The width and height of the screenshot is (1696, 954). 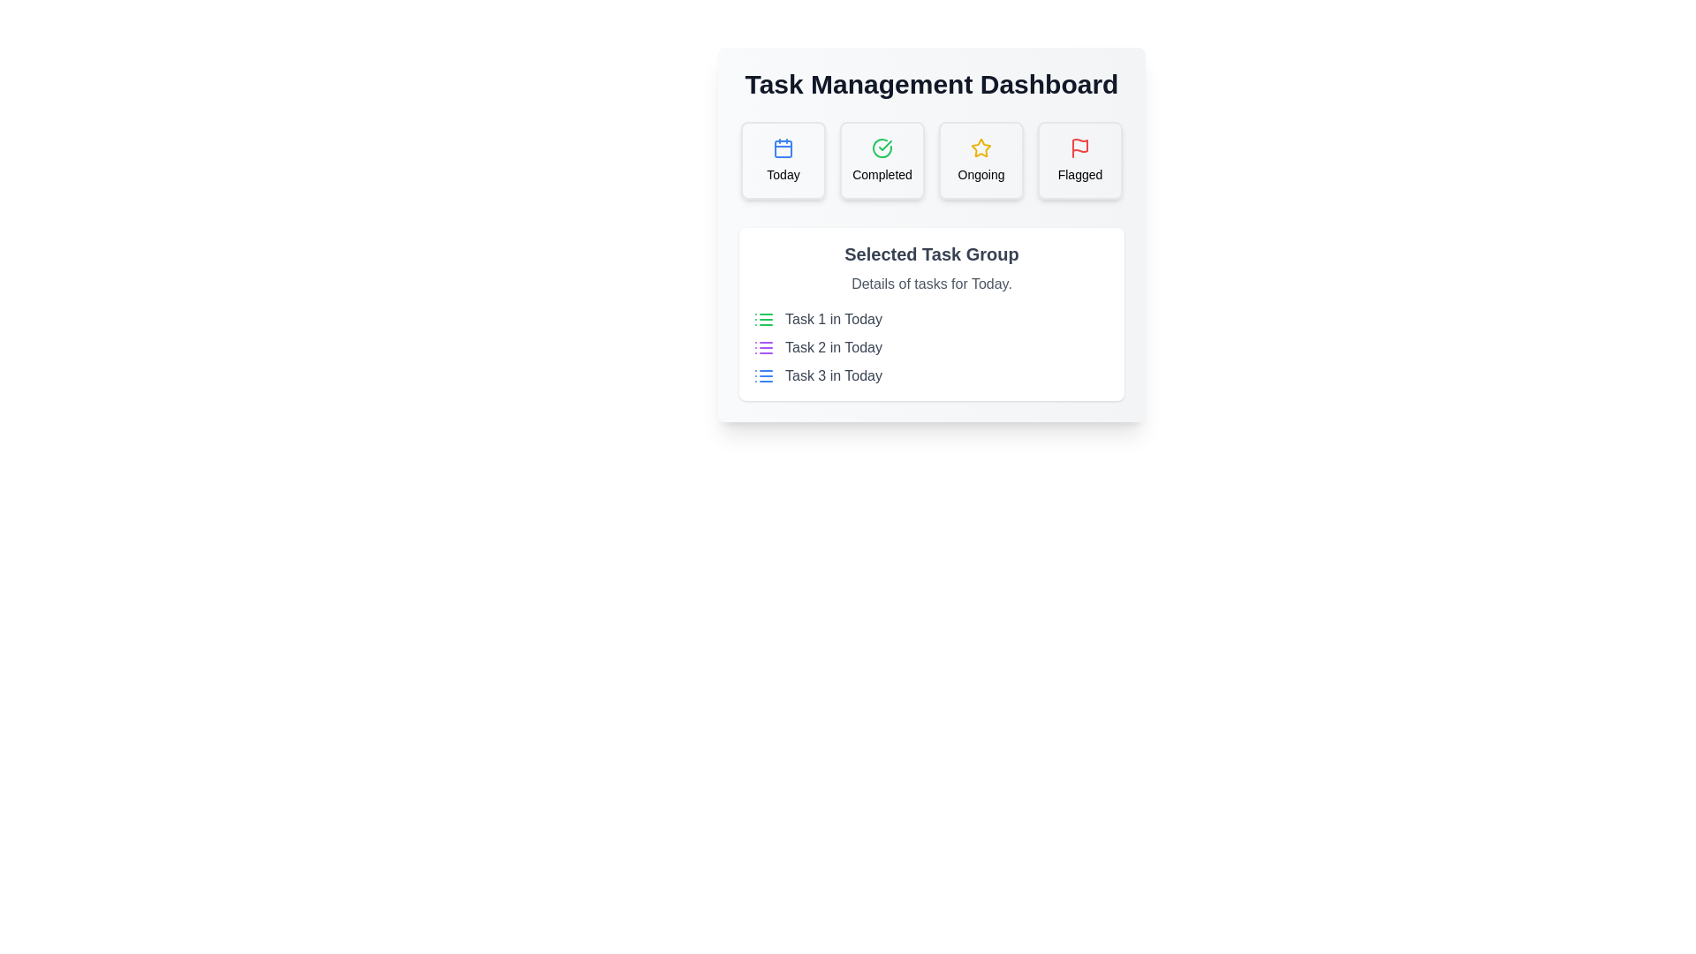 What do you see at coordinates (980, 147) in the screenshot?
I see `the star icon with a hollow interior and orange-colored outline, located between the 'Completed' and 'Flagged' icons` at bounding box center [980, 147].